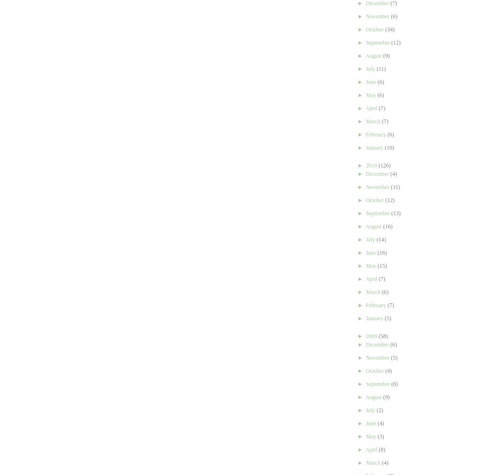 The image size is (480, 475). I want to click on '(10)', so click(388, 148).